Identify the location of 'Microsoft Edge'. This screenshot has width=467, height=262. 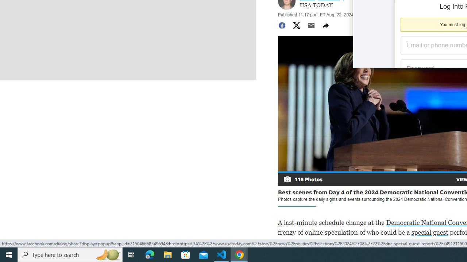
(150, 254).